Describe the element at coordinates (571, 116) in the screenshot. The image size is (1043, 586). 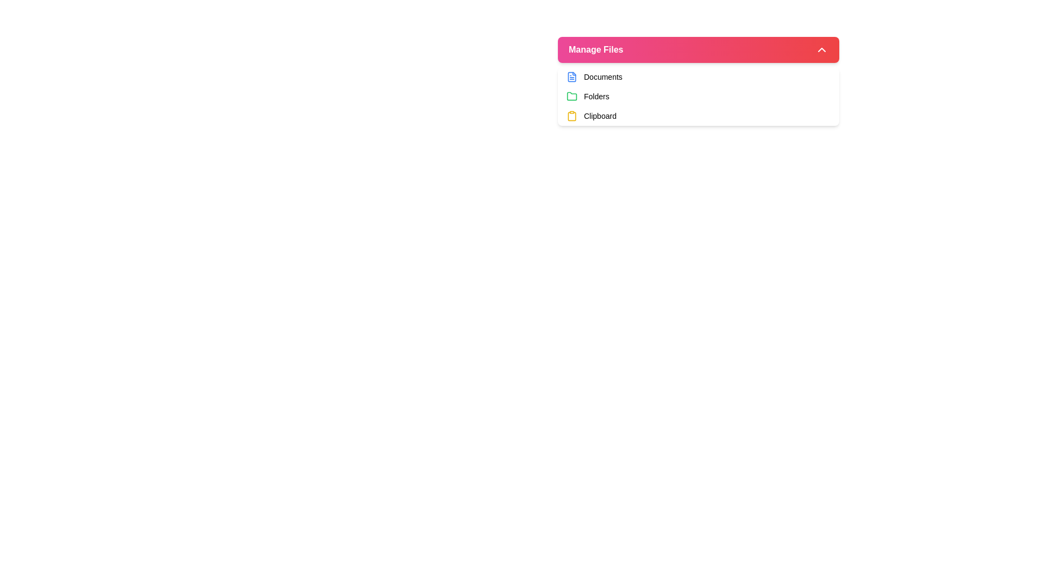
I see `the yellow clipboard icon located in the third row of the menu below 'Manage Files'` at that location.